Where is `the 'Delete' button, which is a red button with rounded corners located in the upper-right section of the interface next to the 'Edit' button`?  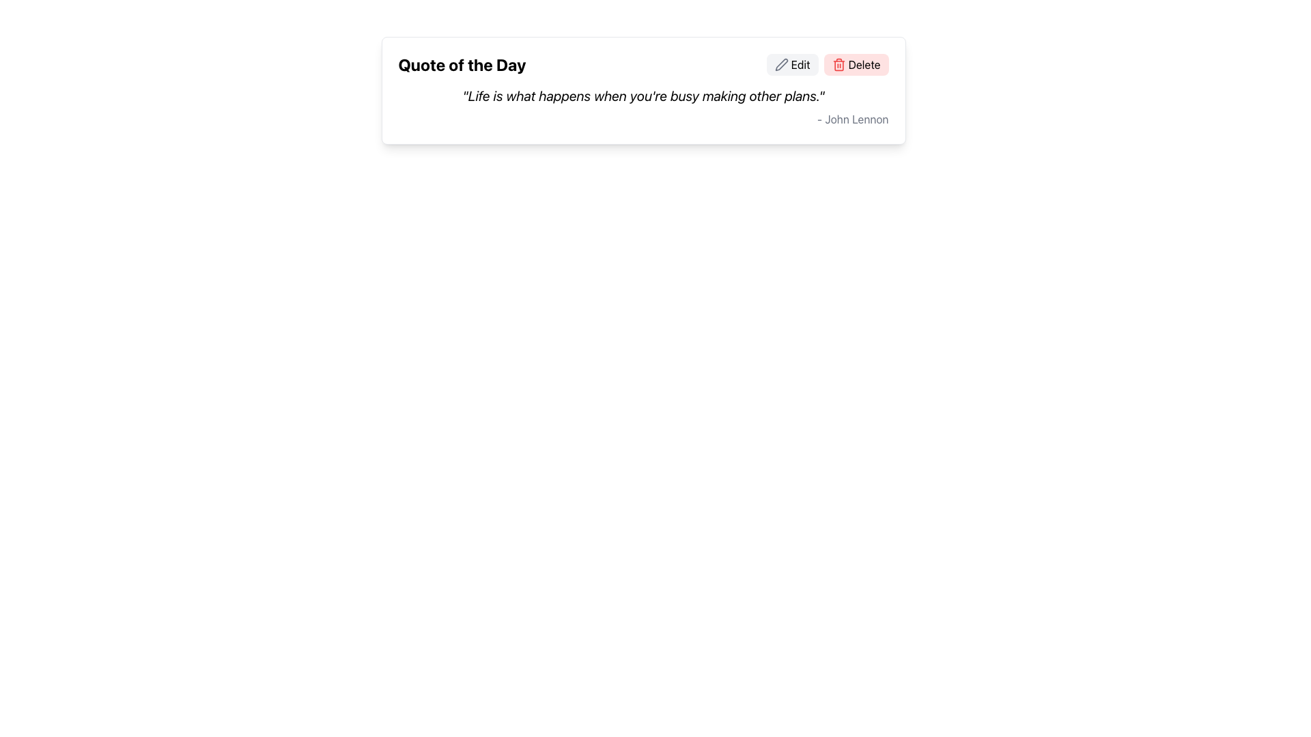
the 'Delete' button, which is a red button with rounded corners located in the upper-right section of the interface next to the 'Edit' button is located at coordinates (827, 65).